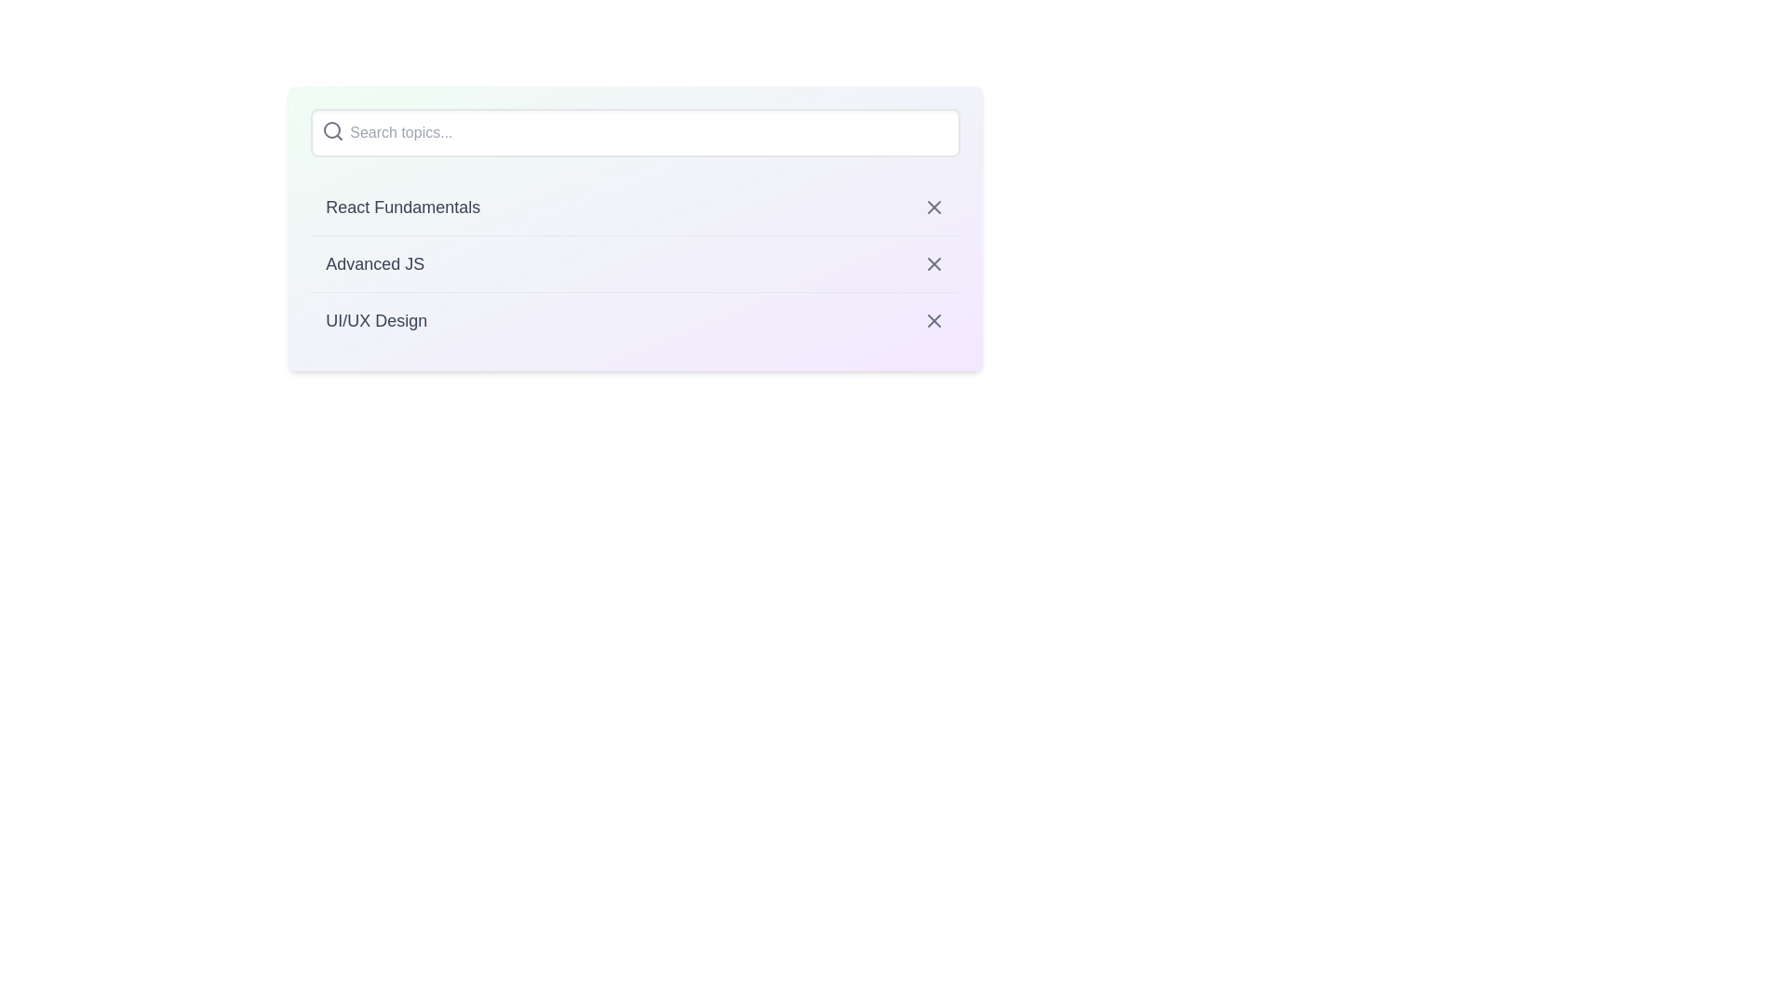 The width and height of the screenshot is (1787, 1005). Describe the element at coordinates (635, 263) in the screenshot. I see `the item with the title Advanced JS from the list` at that location.